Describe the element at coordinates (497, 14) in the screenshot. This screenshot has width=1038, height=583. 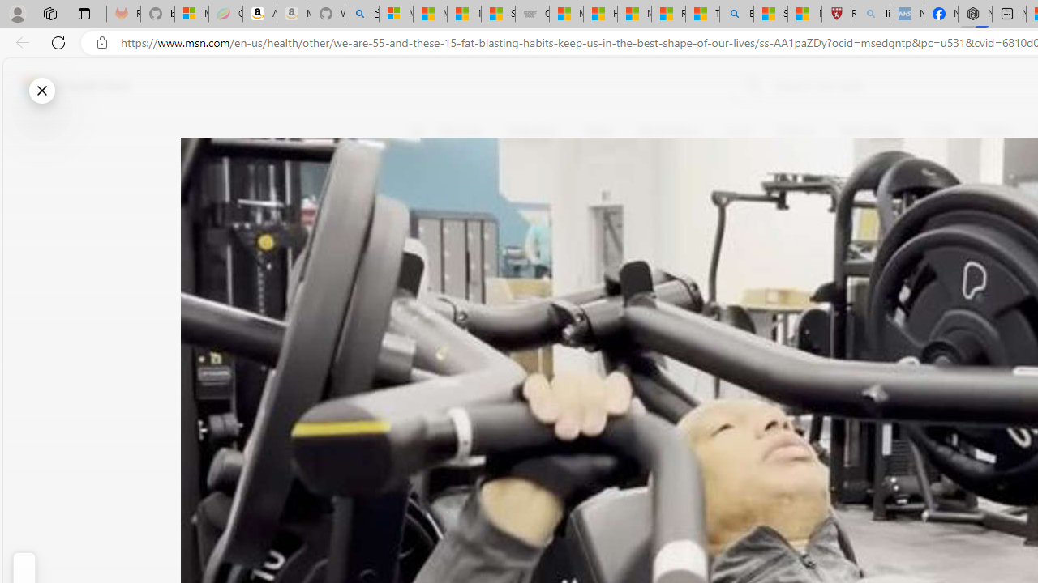
I see `'Stocks - MSN'` at that location.